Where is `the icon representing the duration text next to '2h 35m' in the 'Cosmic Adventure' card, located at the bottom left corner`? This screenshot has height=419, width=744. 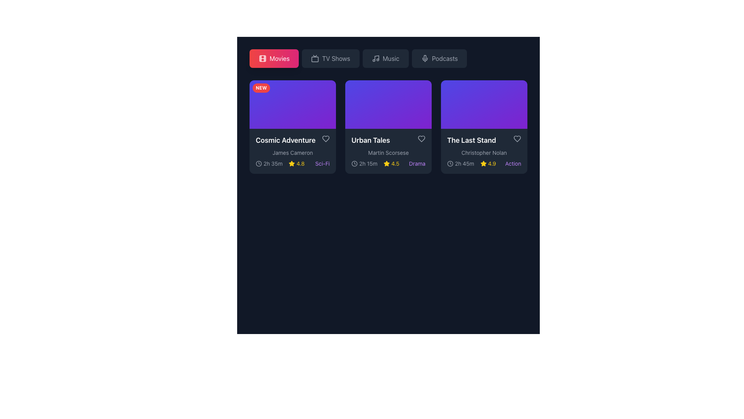 the icon representing the duration text next to '2h 35m' in the 'Cosmic Adventure' card, located at the bottom left corner is located at coordinates (258, 163).